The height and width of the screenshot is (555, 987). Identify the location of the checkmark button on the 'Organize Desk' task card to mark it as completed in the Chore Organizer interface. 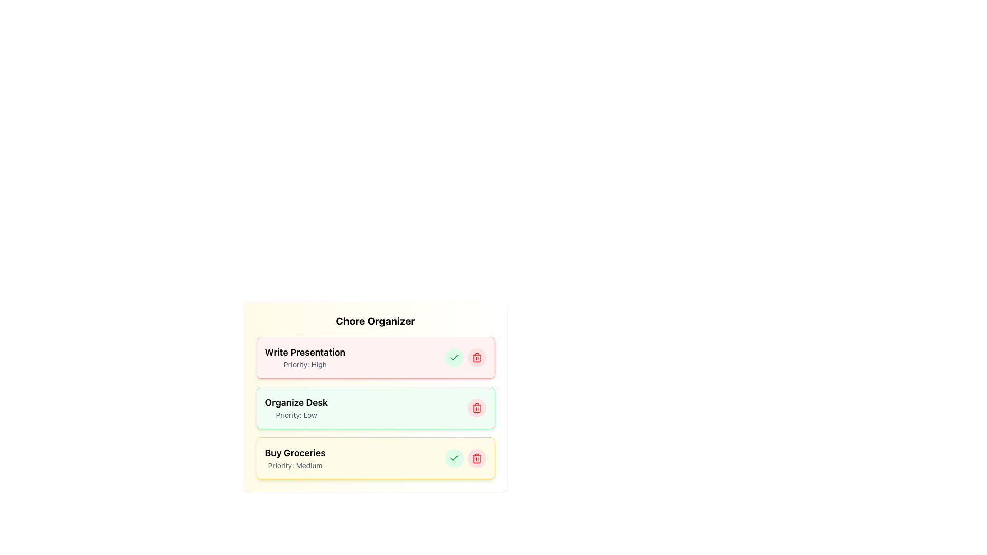
(375, 408).